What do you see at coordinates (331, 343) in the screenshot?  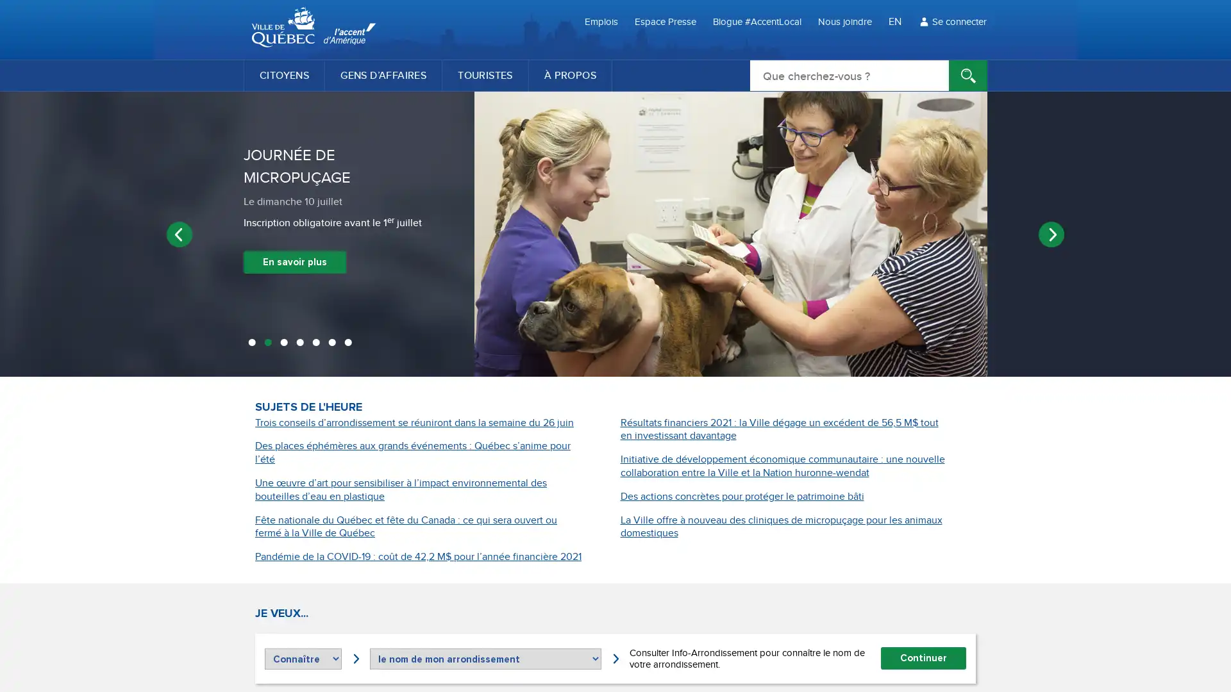 I see `Diapositive numero 6` at bounding box center [331, 343].